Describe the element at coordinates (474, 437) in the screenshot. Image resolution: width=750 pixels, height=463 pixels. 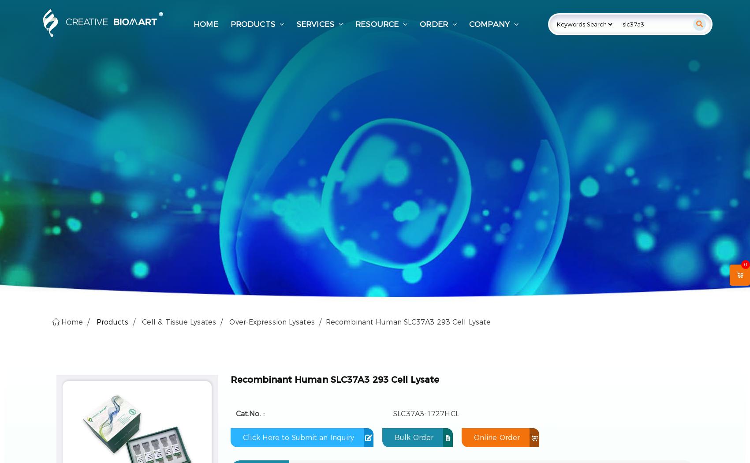
I see `'Online Order'` at that location.